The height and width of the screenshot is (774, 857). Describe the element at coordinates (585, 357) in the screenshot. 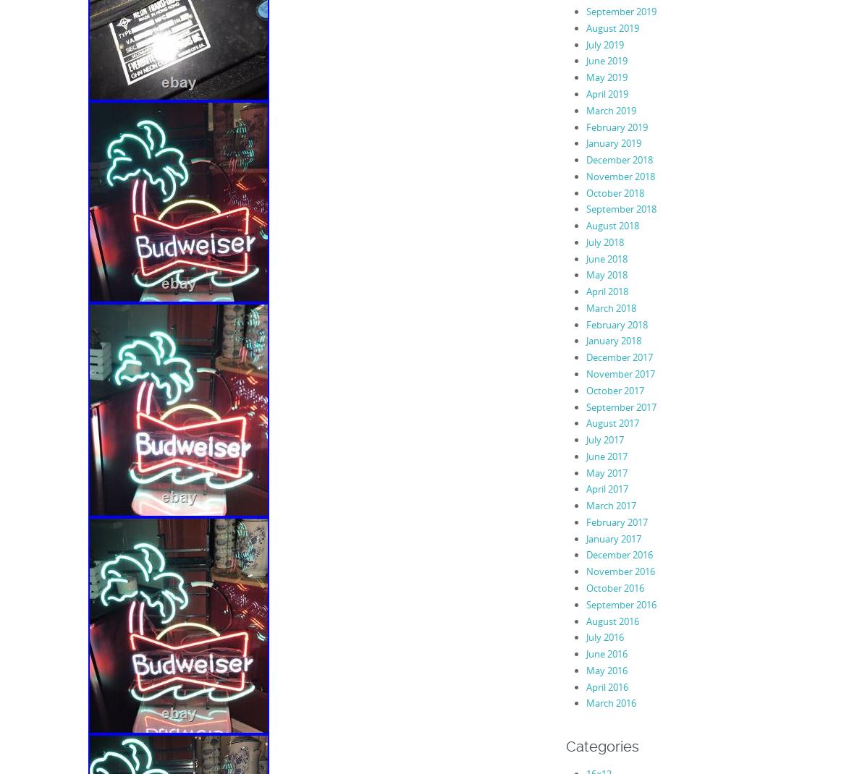

I see `'December 2017'` at that location.